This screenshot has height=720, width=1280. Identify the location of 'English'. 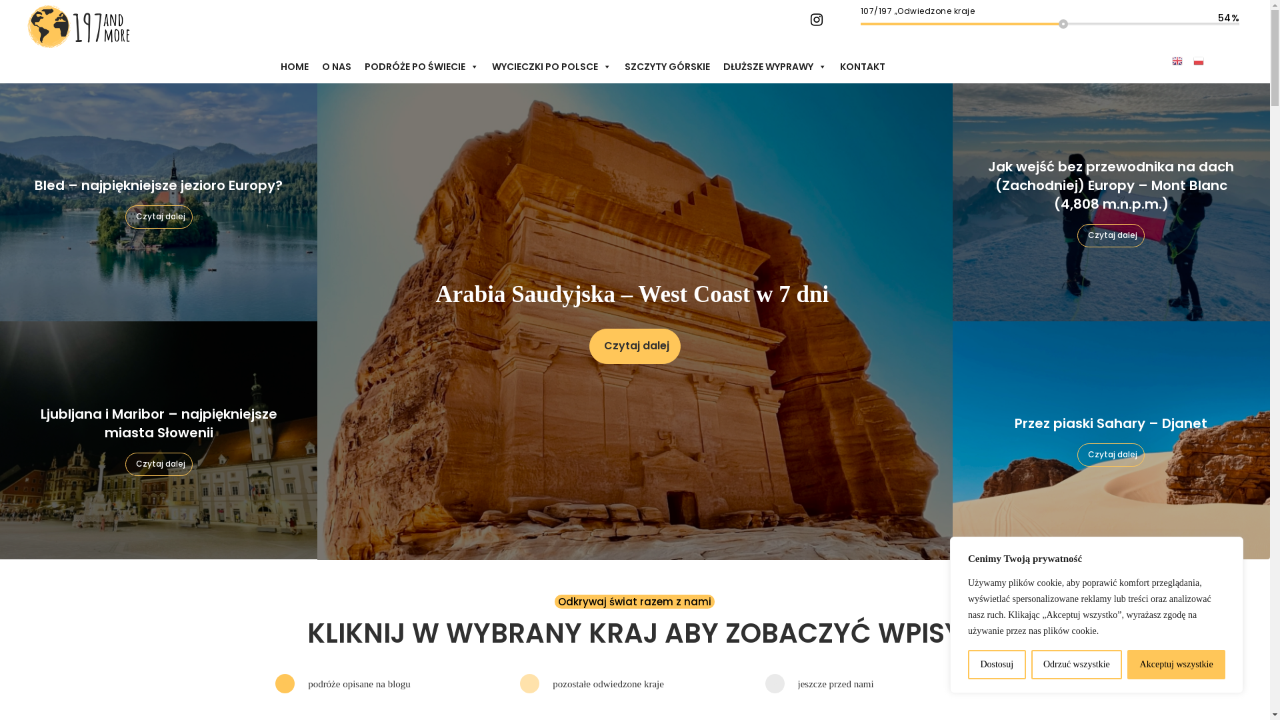
(1177, 60).